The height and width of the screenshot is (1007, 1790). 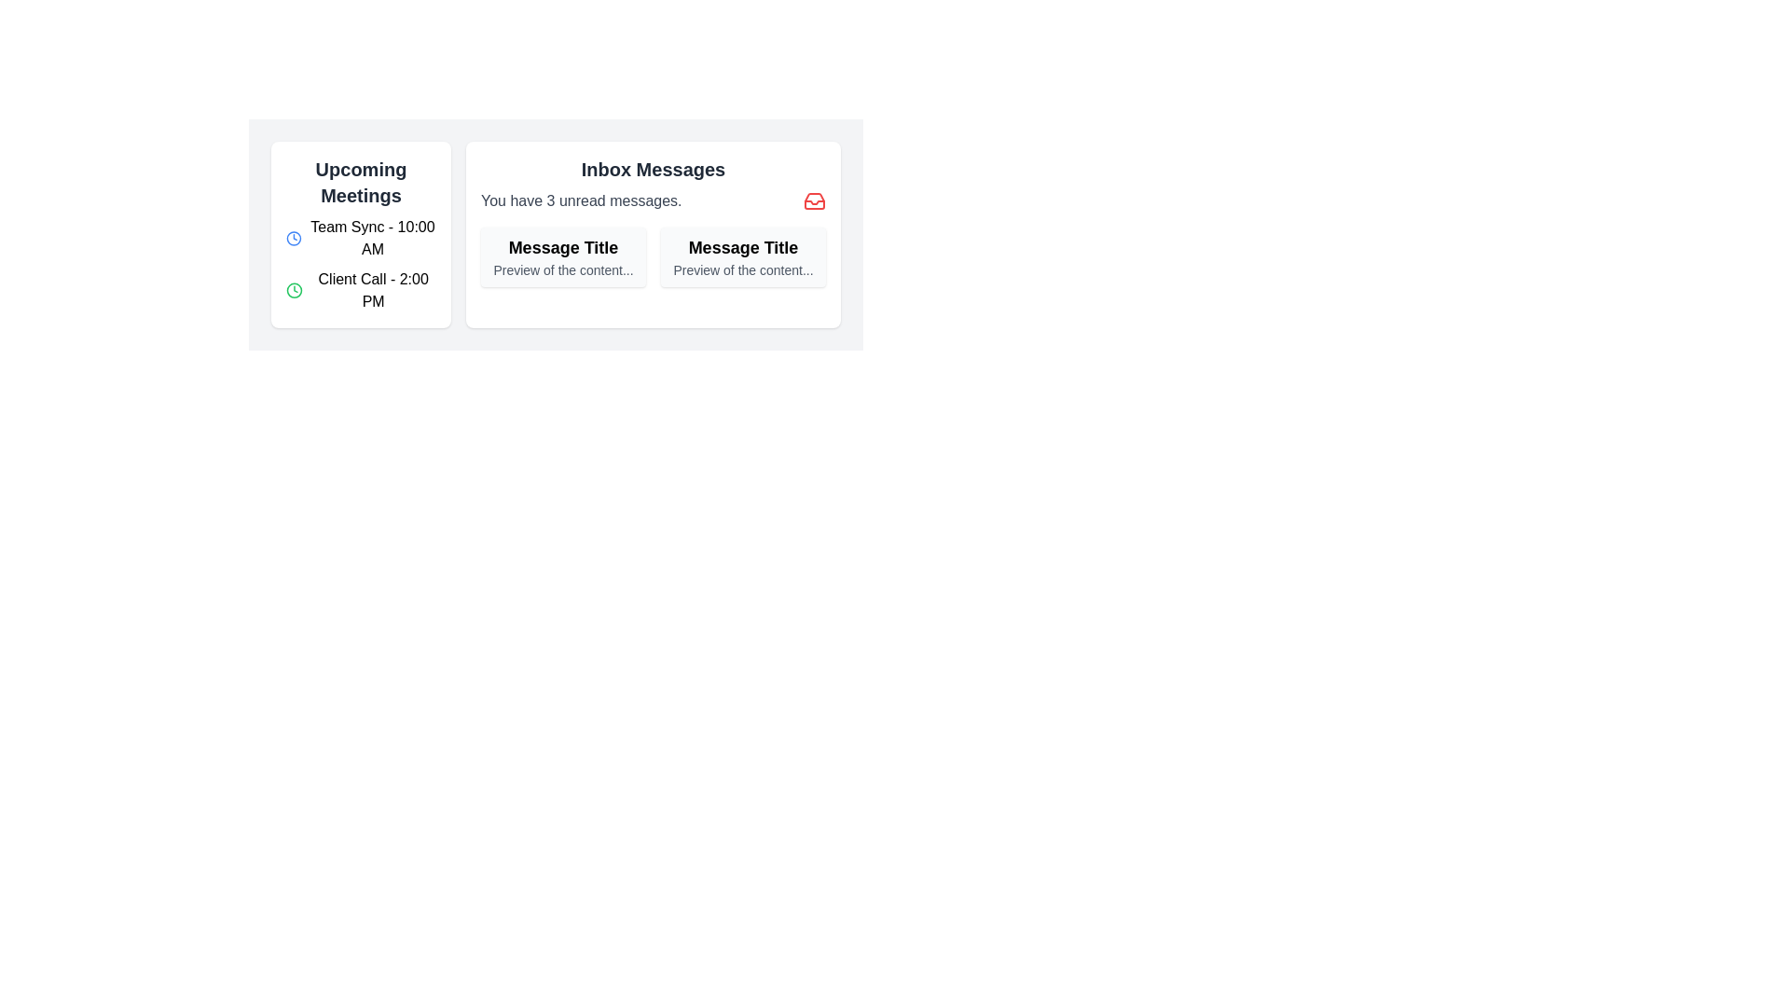 I want to click on text preview 'Preview of the content...' located below the title 'Message Title' in the Inbox Messages section, so click(x=742, y=269).